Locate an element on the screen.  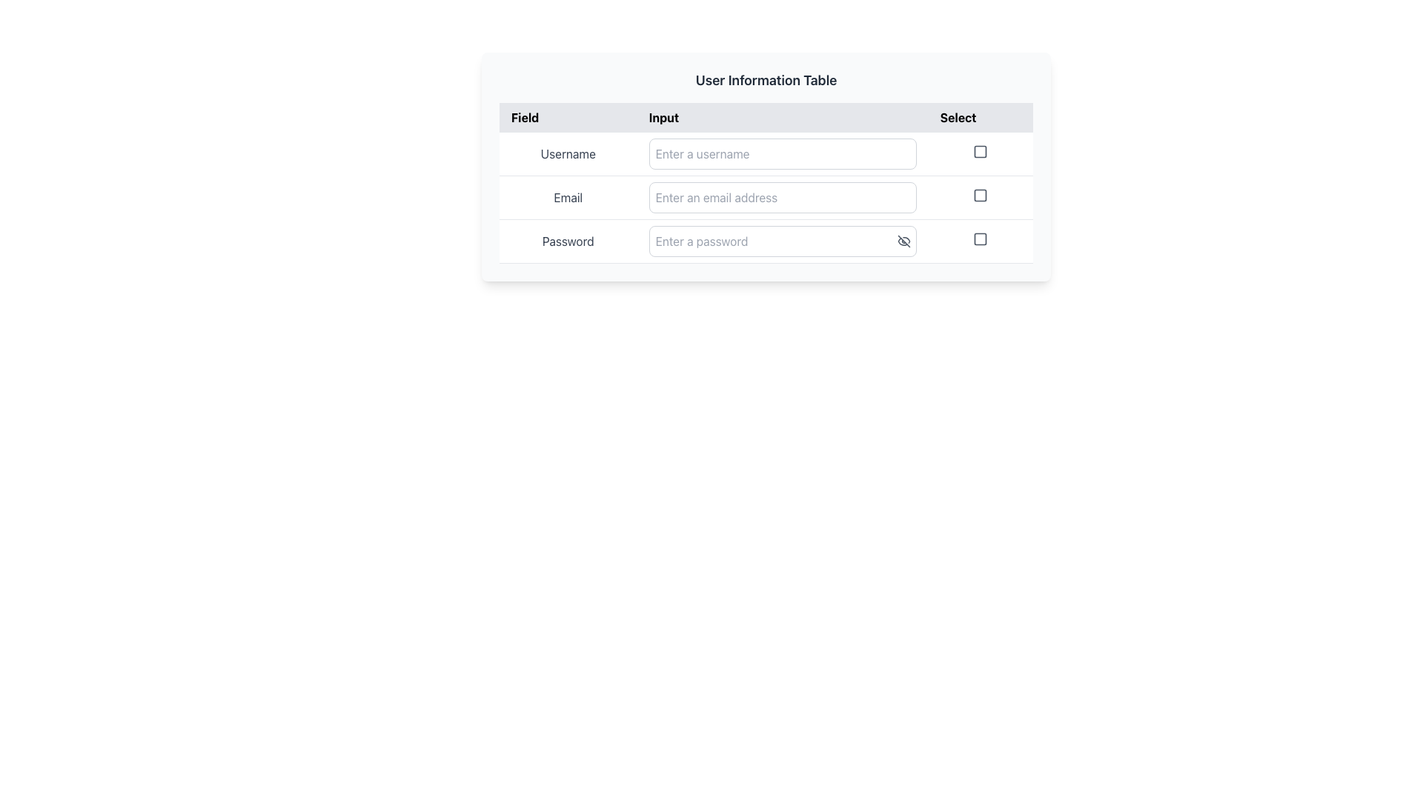
the small square checkbox located in the last column of the row labeled 'Email' is located at coordinates (981, 196).